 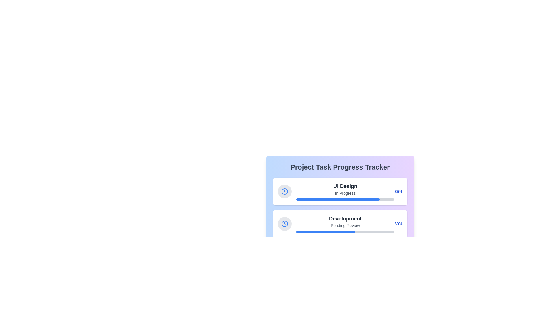 What do you see at coordinates (345, 231) in the screenshot?
I see `the horizontal progress bar with a gray background and blue filled portion indicating 60% completion` at bounding box center [345, 231].